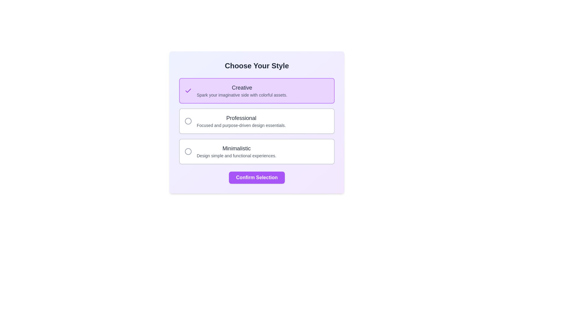 This screenshot has height=328, width=583. Describe the element at coordinates (236, 151) in the screenshot. I see `descriptive static text block for the 'Minimalistic' option located in the vertical selection menu, positioned below 'Professional' and above the 'Confirm Selection' button` at that location.